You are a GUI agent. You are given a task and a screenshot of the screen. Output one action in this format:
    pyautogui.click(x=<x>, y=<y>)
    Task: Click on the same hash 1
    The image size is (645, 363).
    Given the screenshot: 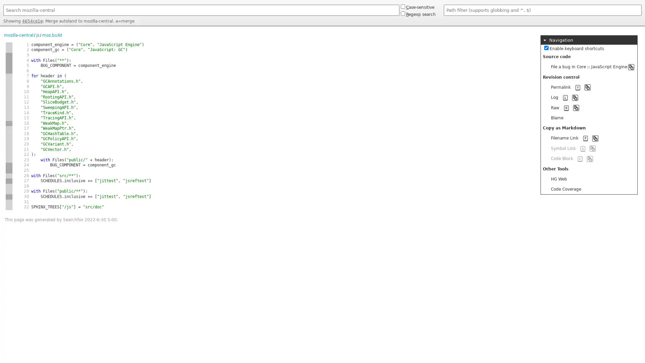 What is the action you would take?
    pyautogui.click(x=9, y=49)
    